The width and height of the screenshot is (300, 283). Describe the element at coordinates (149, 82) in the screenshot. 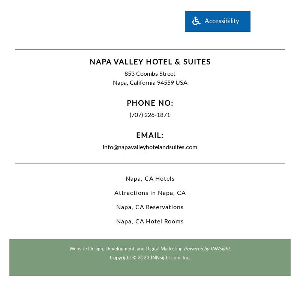

I see `'Napa, California                                                94559 USA'` at that location.